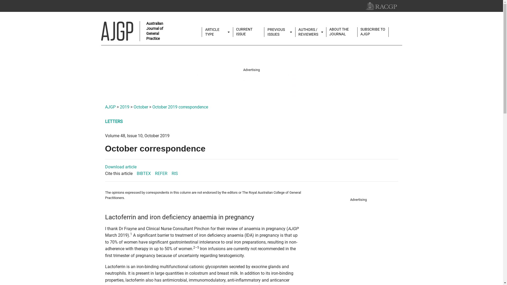 The image size is (507, 285). What do you see at coordinates (120, 167) in the screenshot?
I see `'Download article'` at bounding box center [120, 167].